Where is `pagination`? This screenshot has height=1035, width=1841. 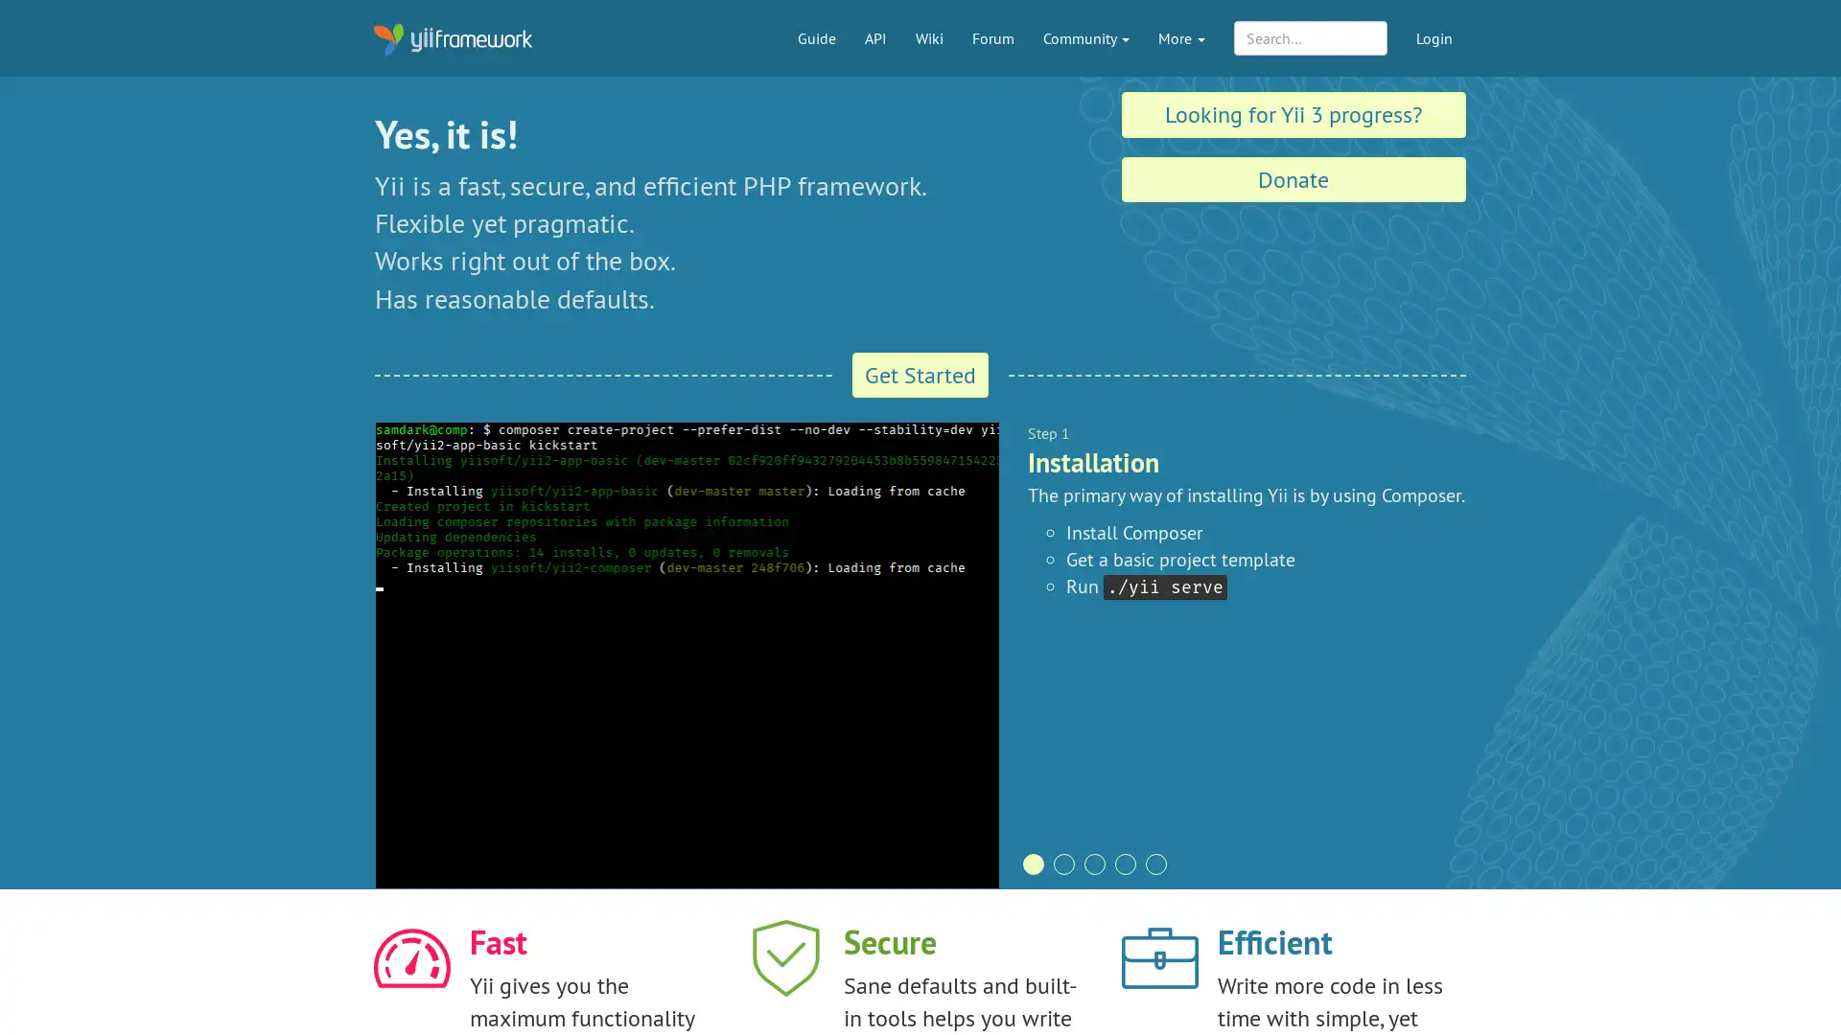 pagination is located at coordinates (1062, 864).